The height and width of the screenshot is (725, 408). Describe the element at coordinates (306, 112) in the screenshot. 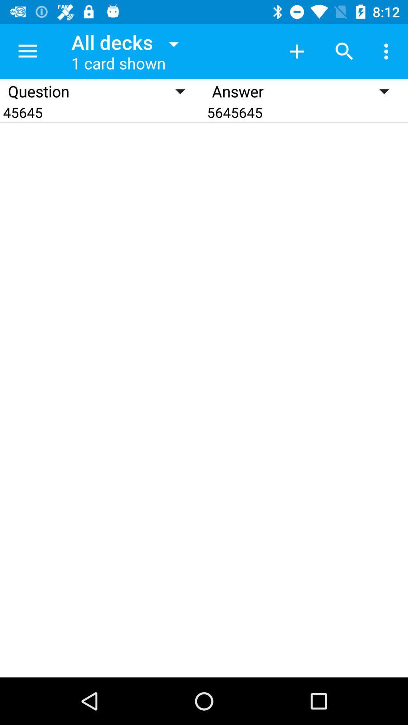

I see `the item to the right of the 45645 icon` at that location.